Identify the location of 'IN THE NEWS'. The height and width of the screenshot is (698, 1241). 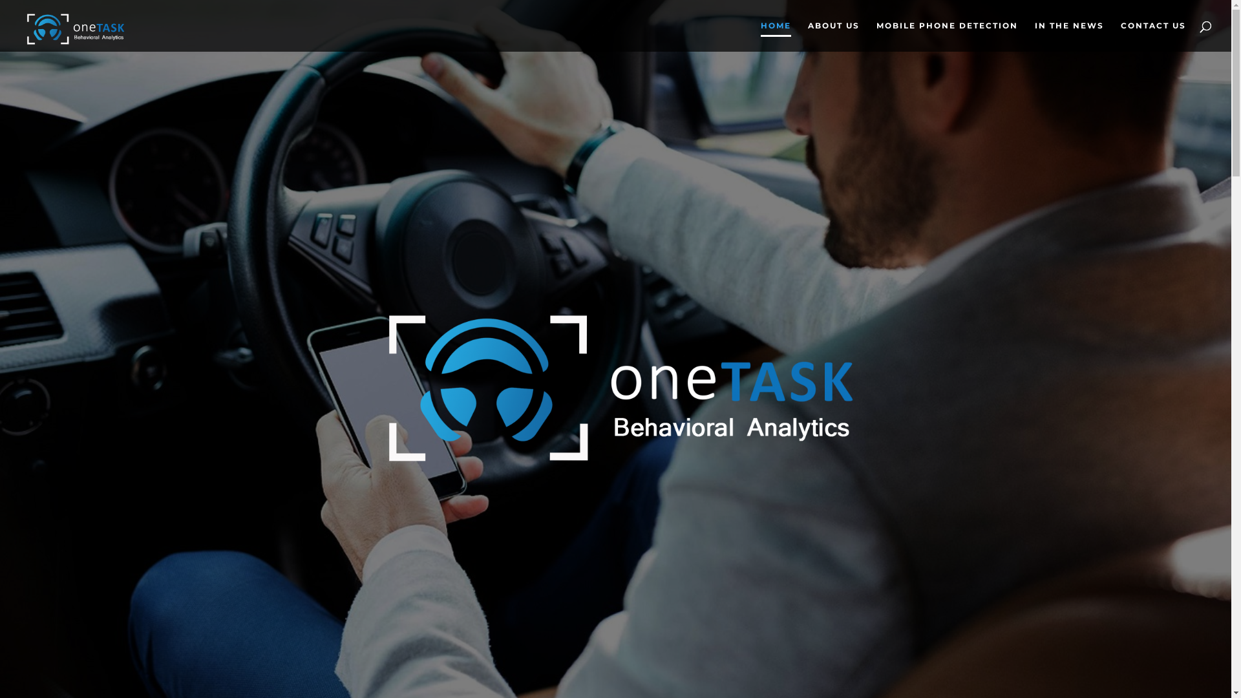
(1035, 36).